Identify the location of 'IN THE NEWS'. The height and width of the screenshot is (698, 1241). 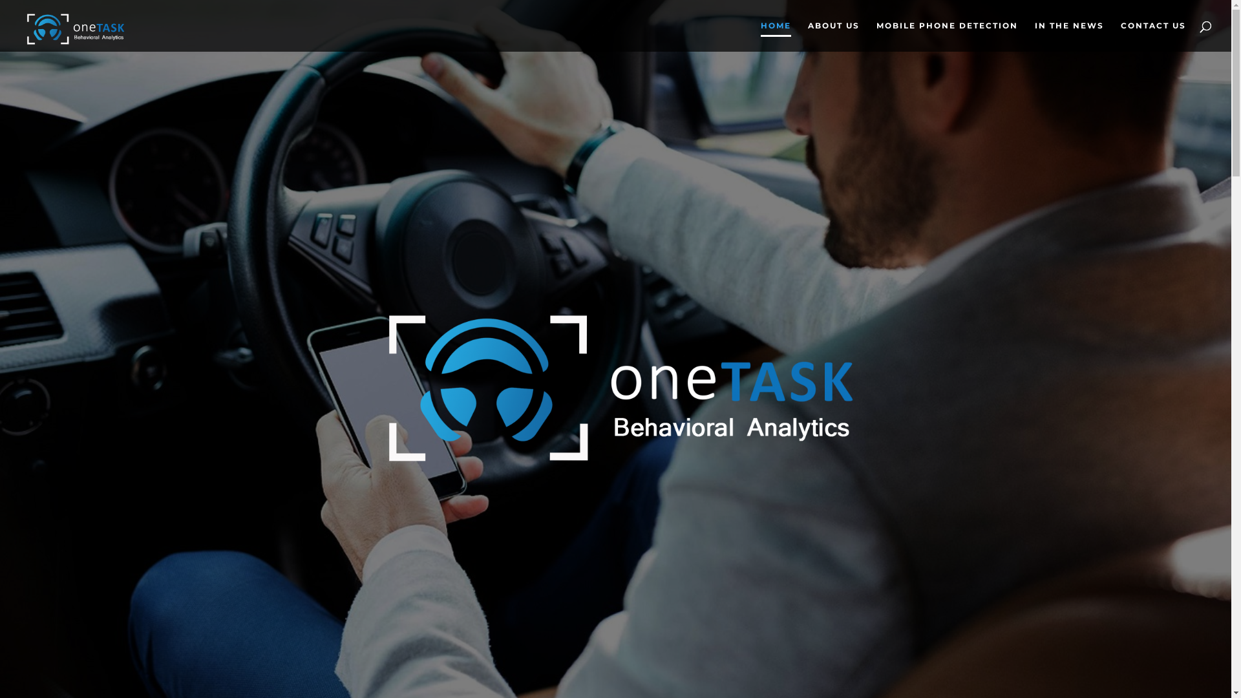
(1035, 36).